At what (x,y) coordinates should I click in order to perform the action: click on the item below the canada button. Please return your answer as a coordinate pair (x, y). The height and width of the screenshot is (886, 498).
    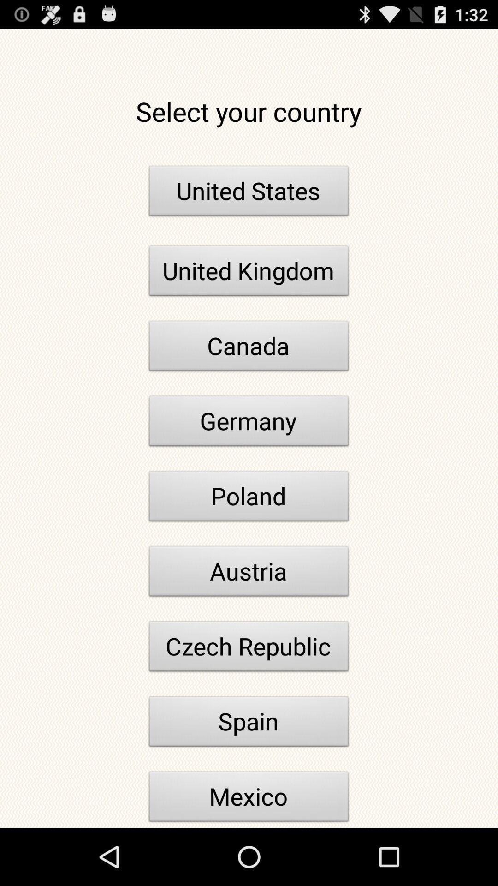
    Looking at the image, I should click on (249, 423).